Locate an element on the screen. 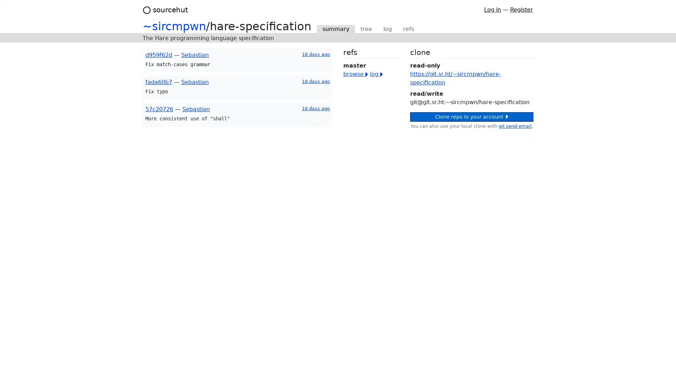  Clone repo to your account is located at coordinates (471, 116).